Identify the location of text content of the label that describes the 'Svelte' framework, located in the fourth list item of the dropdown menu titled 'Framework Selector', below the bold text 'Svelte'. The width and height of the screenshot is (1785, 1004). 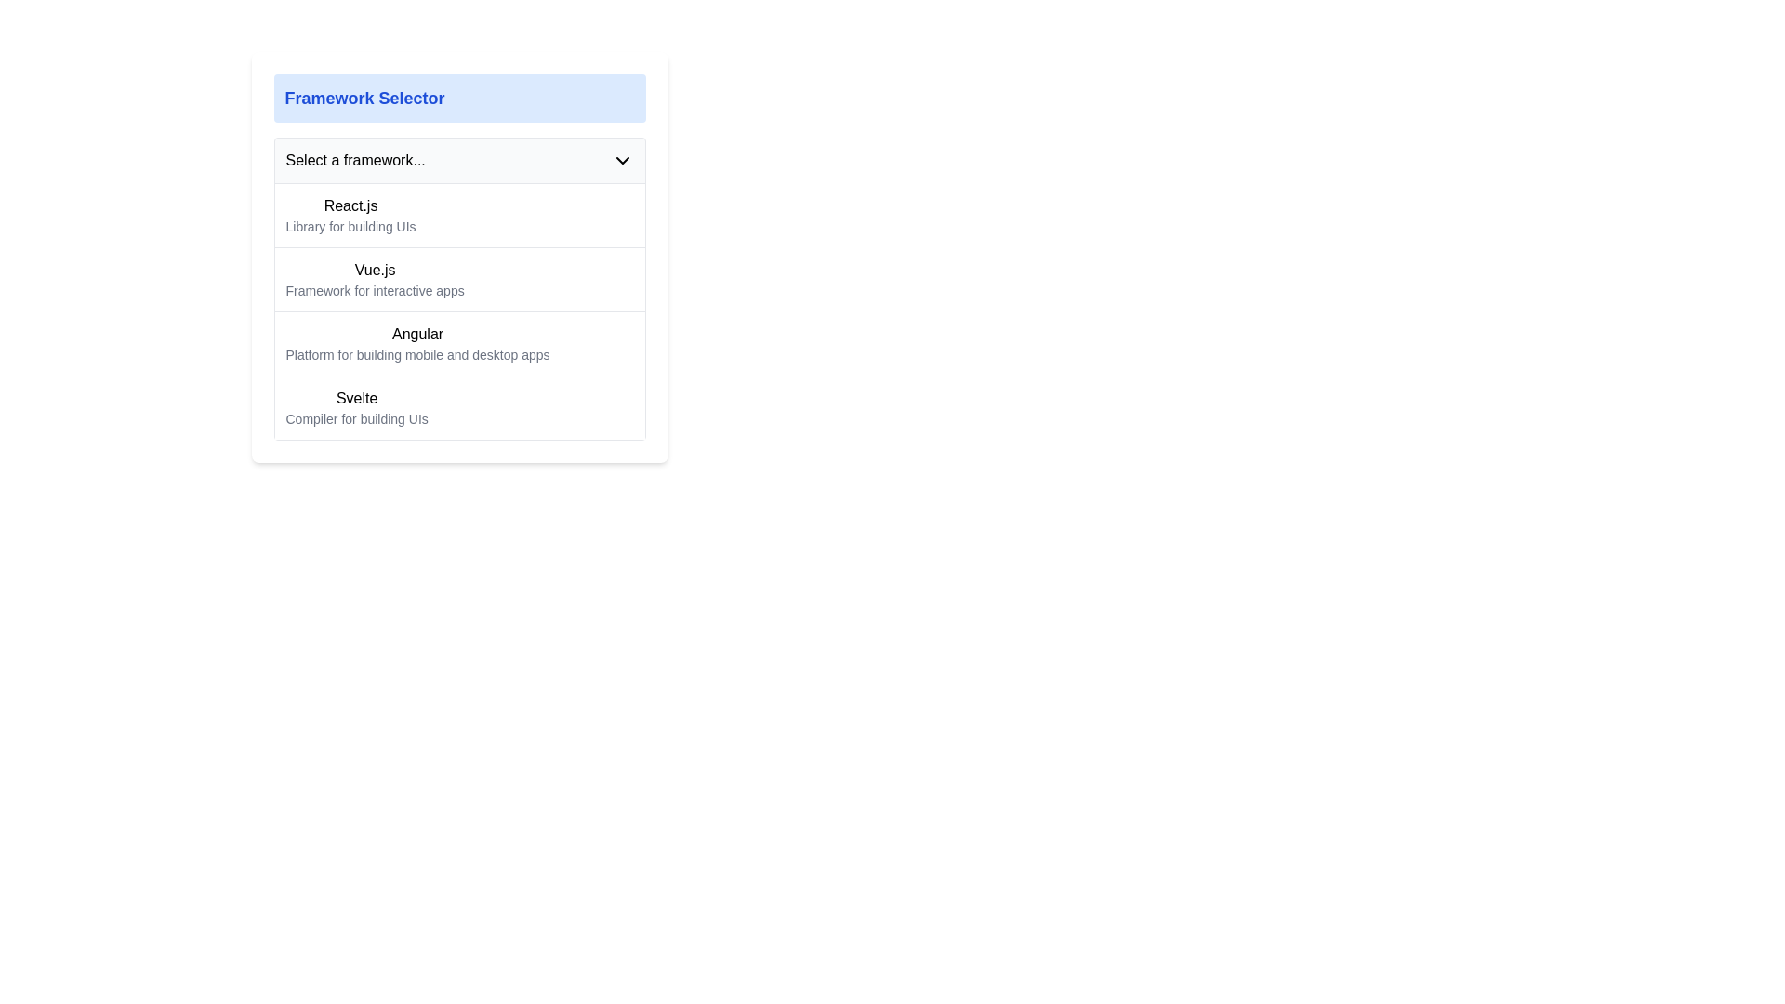
(357, 419).